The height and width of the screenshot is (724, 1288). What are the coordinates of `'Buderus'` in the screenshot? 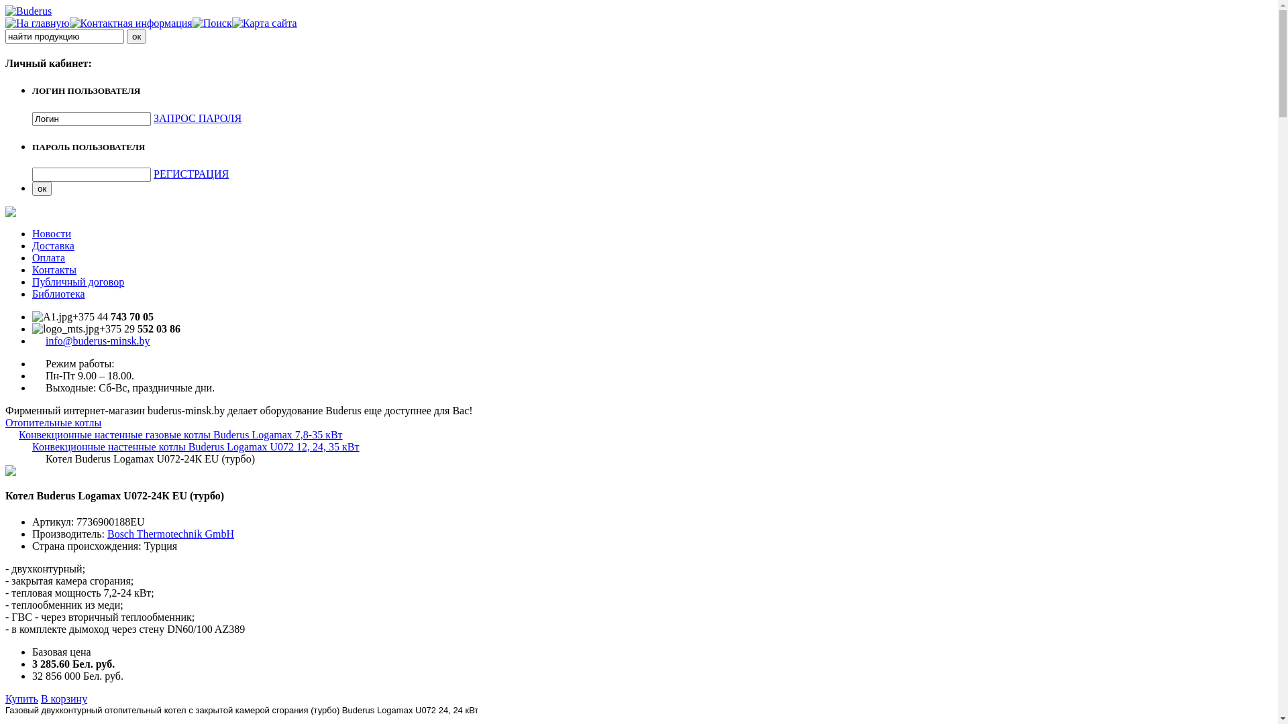 It's located at (28, 11).